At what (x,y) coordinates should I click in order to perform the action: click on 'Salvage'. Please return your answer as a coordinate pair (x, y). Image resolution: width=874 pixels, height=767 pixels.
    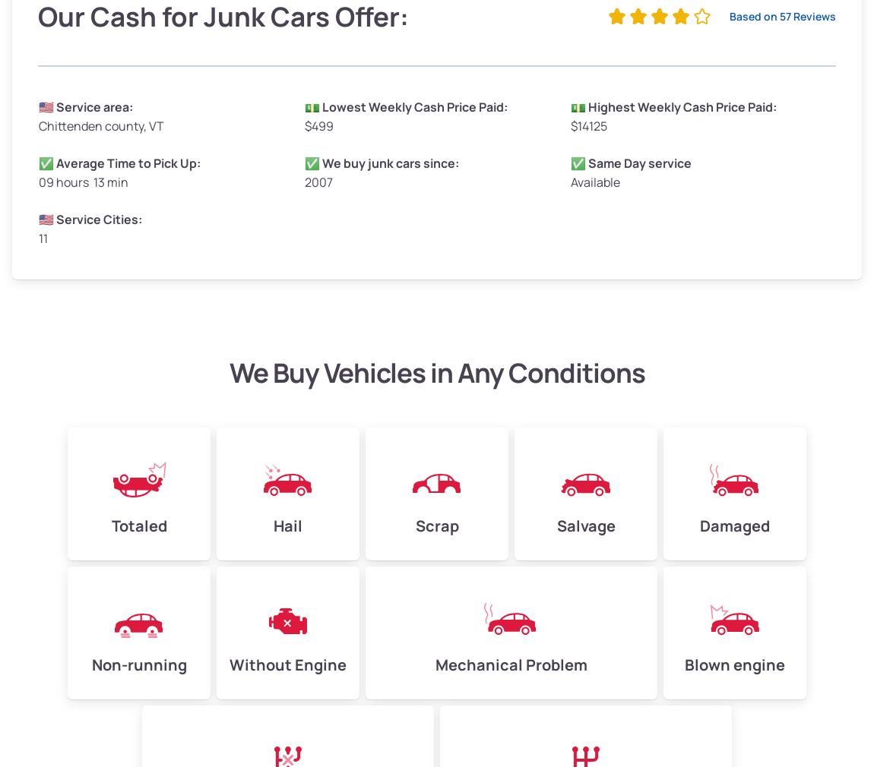
    Looking at the image, I should click on (584, 525).